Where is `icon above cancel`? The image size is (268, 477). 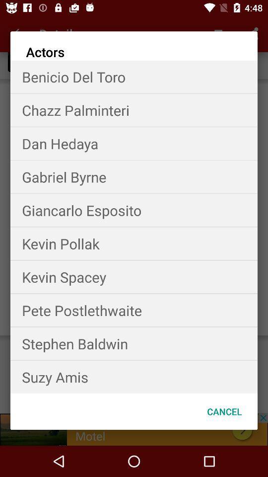 icon above cancel is located at coordinates (134, 376).